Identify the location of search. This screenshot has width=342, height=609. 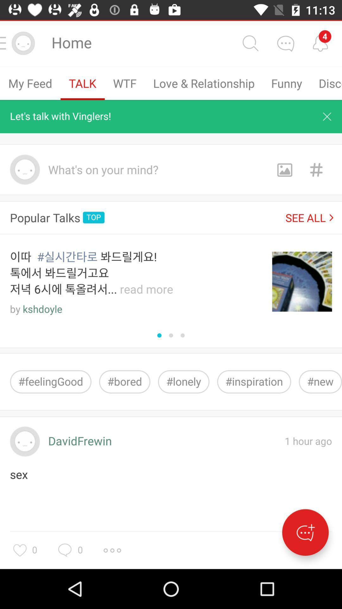
(250, 43).